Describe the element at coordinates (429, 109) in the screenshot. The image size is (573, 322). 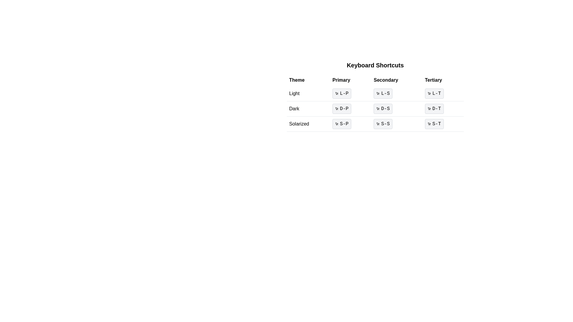
I see `the SVG icon to the left of the 'D-T' button, which indicates an interactive action in the 'Keyboard Shortcuts' grid` at that location.